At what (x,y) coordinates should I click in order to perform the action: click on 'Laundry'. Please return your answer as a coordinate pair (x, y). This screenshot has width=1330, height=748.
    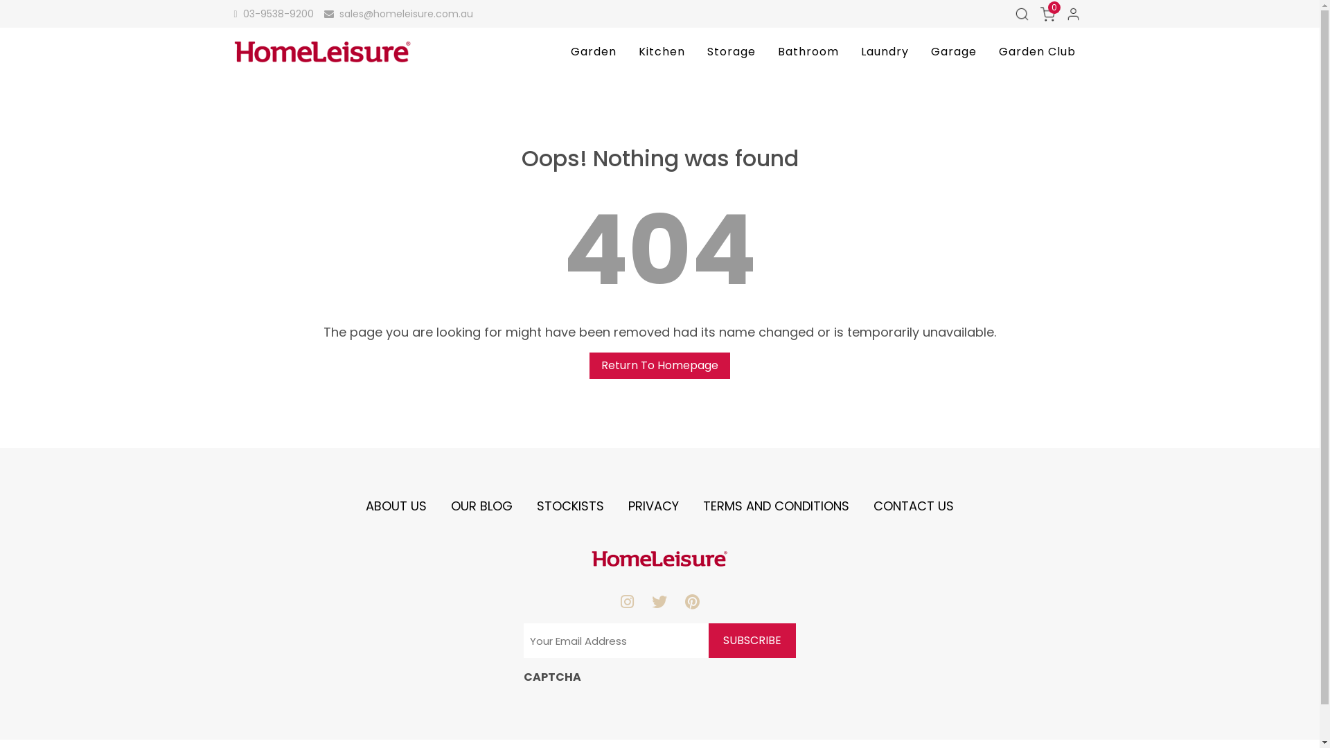
    Looking at the image, I should click on (884, 51).